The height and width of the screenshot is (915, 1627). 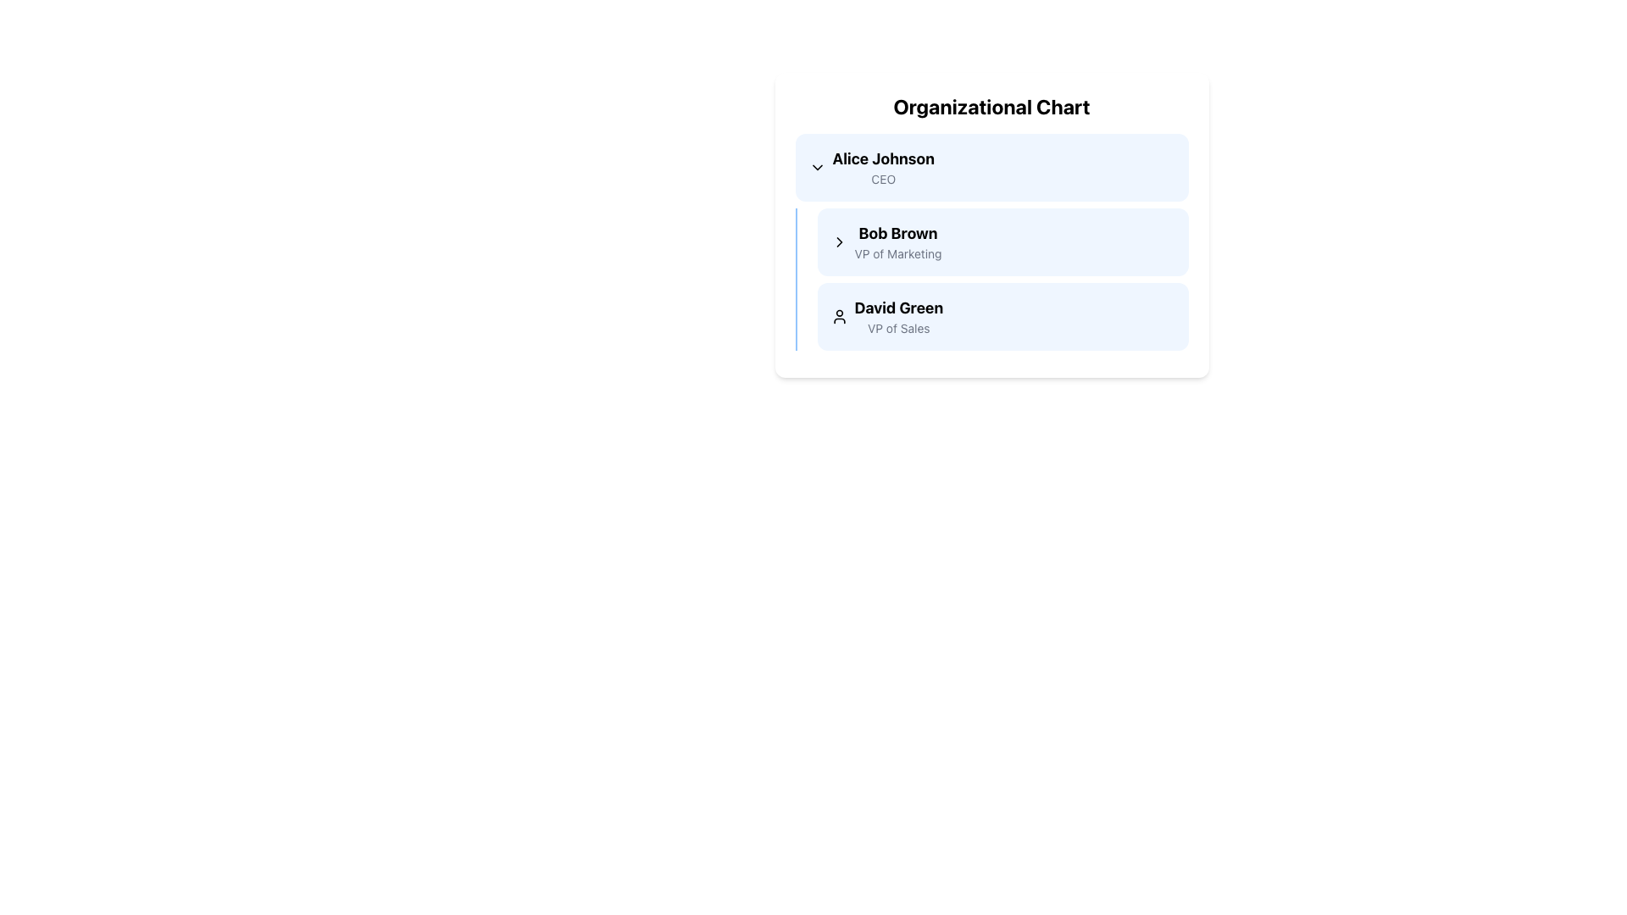 What do you see at coordinates (897, 234) in the screenshot?
I see `the bolded text 'Bob Brown' in the organizational chart, which is styled with a large font and is positioned beneath 'Alice Johnson' and above 'David Green'` at bounding box center [897, 234].